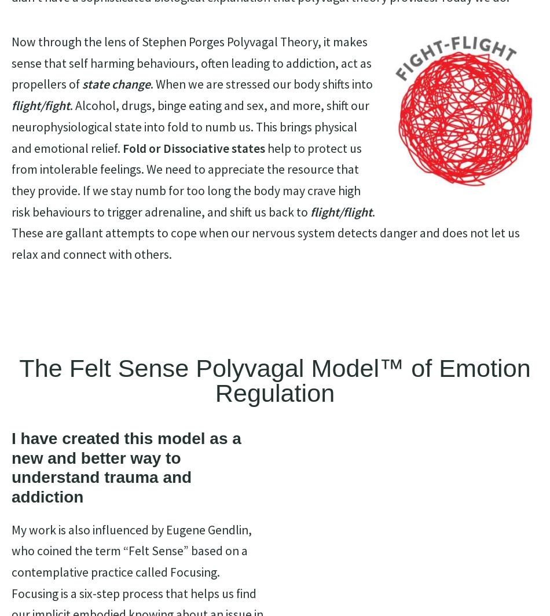 This screenshot has width=550, height=616. Describe the element at coordinates (116, 84) in the screenshot. I see `'state change'` at that location.